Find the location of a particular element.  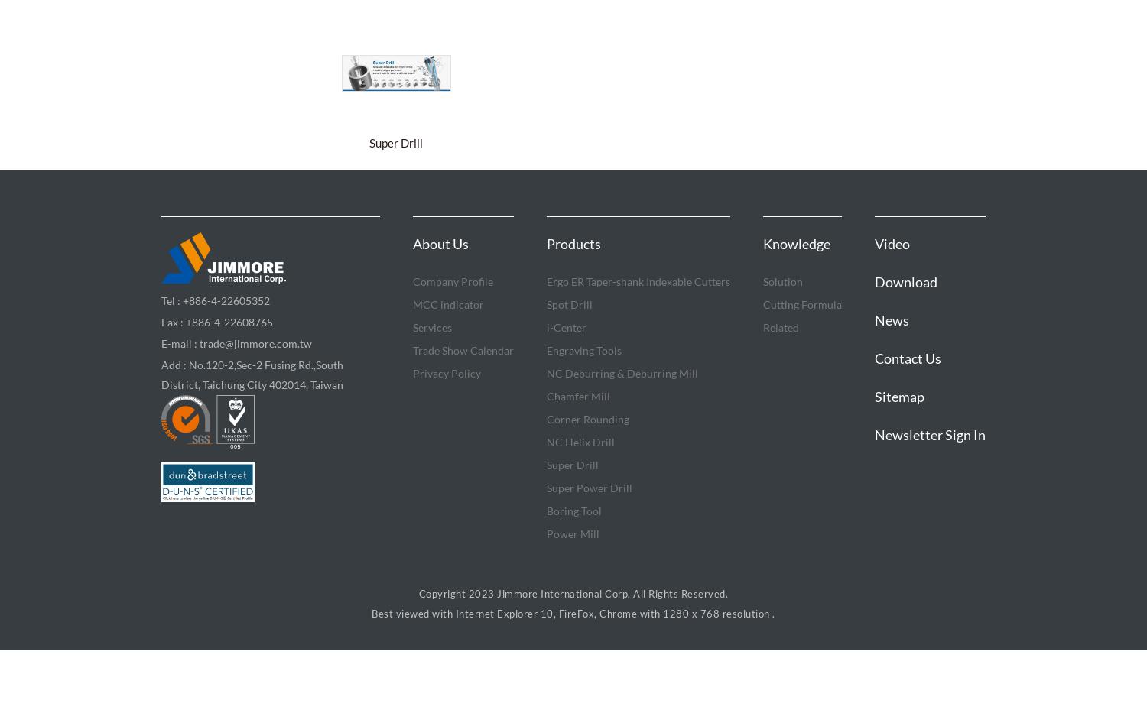

'Related' is located at coordinates (781, 326).